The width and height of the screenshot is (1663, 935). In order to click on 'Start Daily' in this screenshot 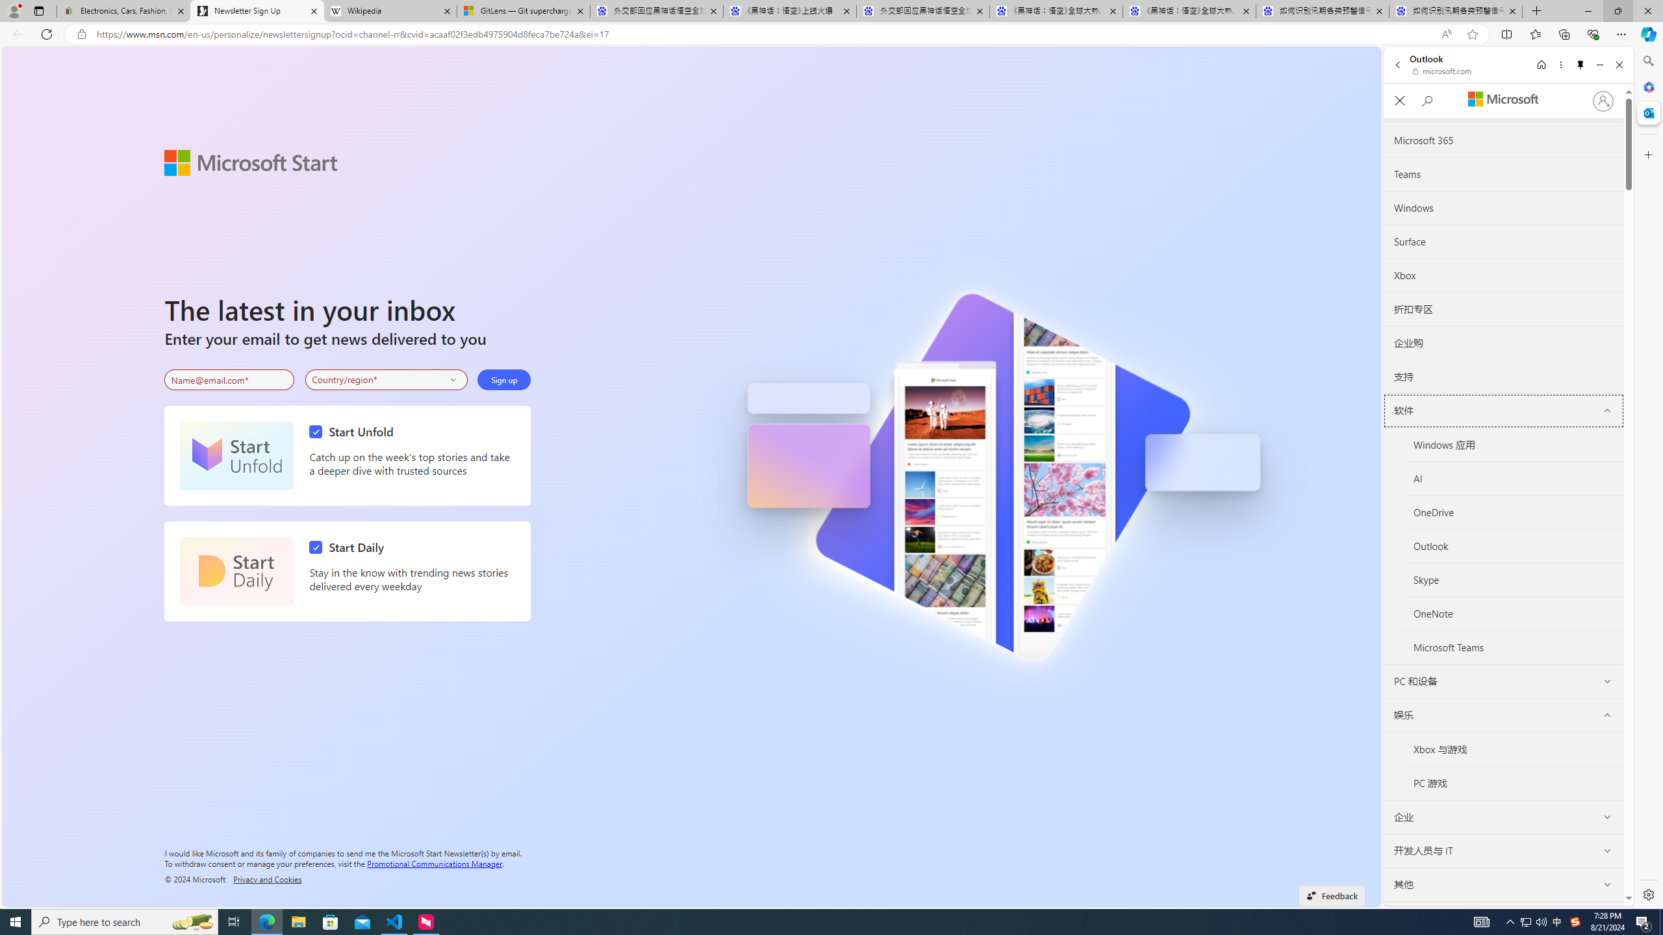, I will do `click(236, 571)`.